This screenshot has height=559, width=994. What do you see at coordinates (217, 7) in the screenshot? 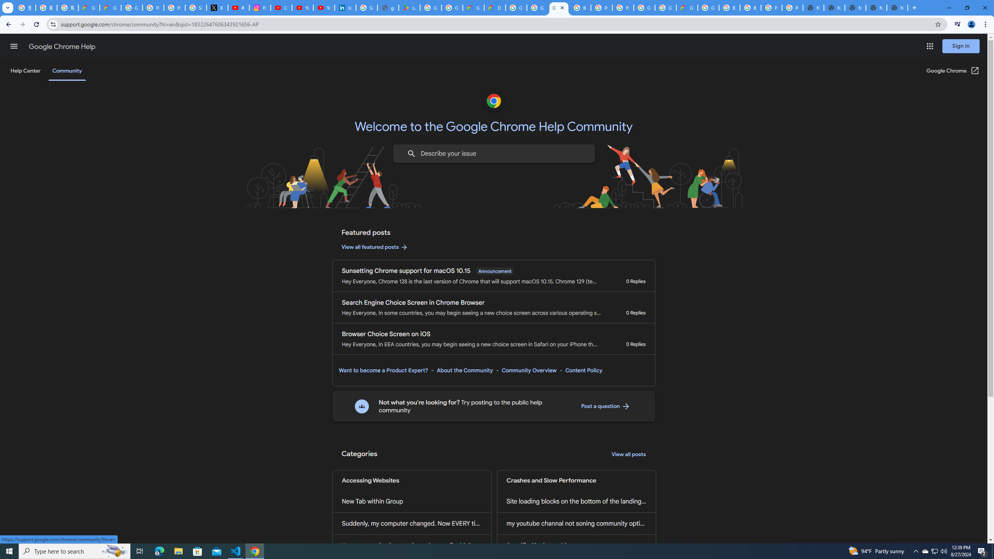
I see `'X'` at bounding box center [217, 7].